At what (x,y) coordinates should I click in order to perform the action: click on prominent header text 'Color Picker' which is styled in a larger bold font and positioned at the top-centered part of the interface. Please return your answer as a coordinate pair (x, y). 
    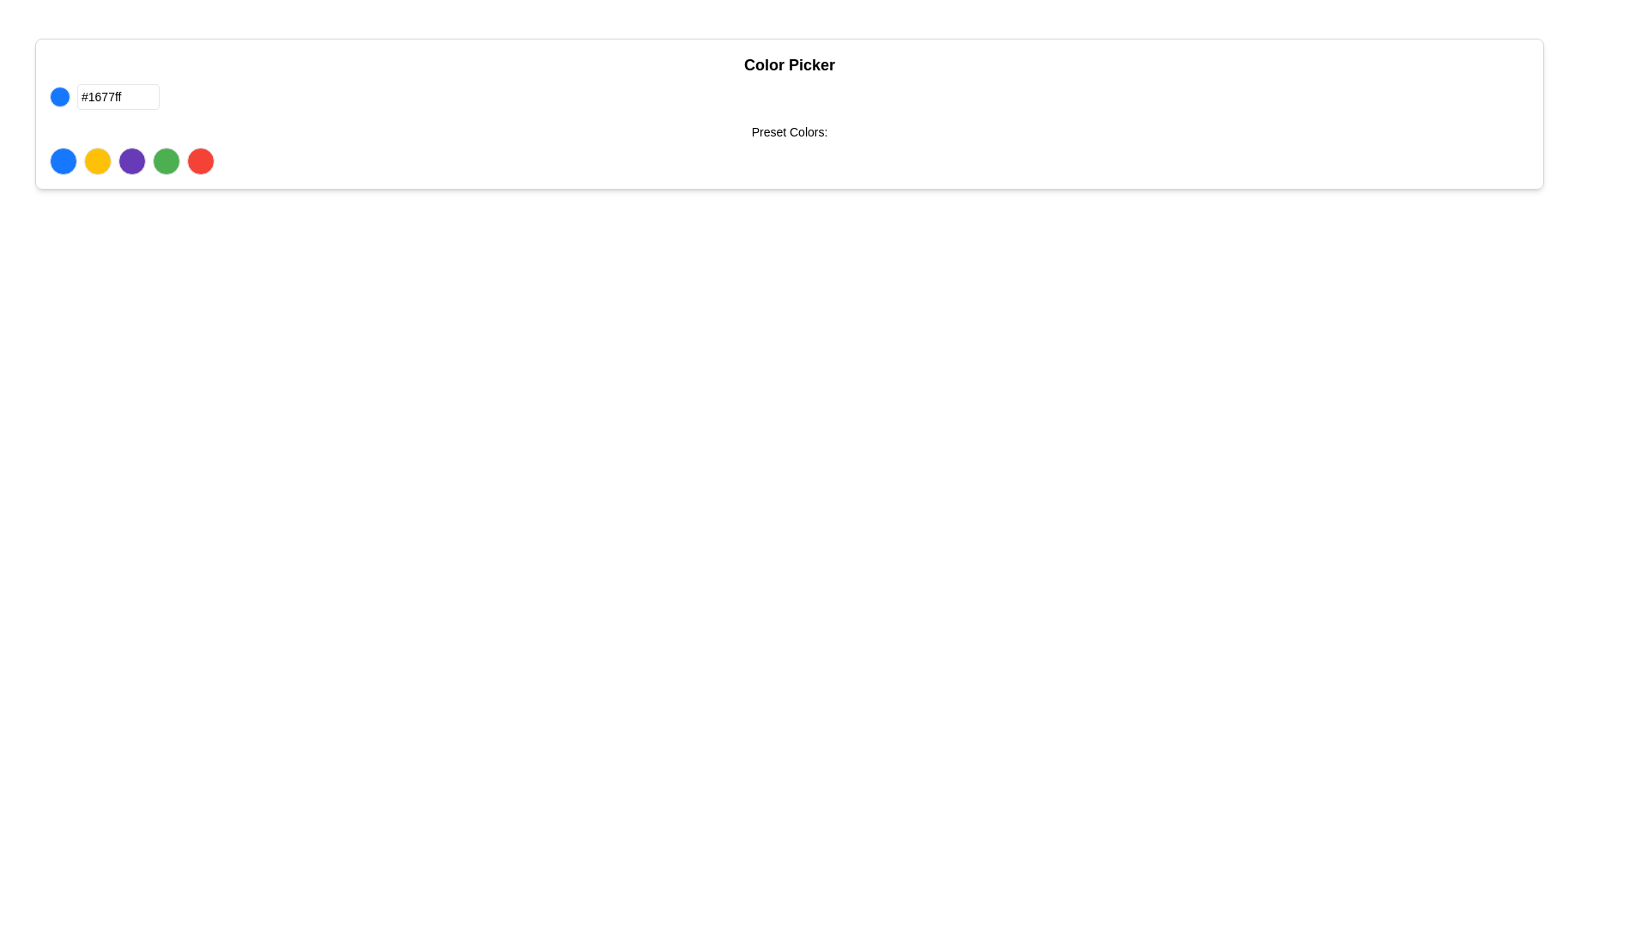
    Looking at the image, I should click on (789, 64).